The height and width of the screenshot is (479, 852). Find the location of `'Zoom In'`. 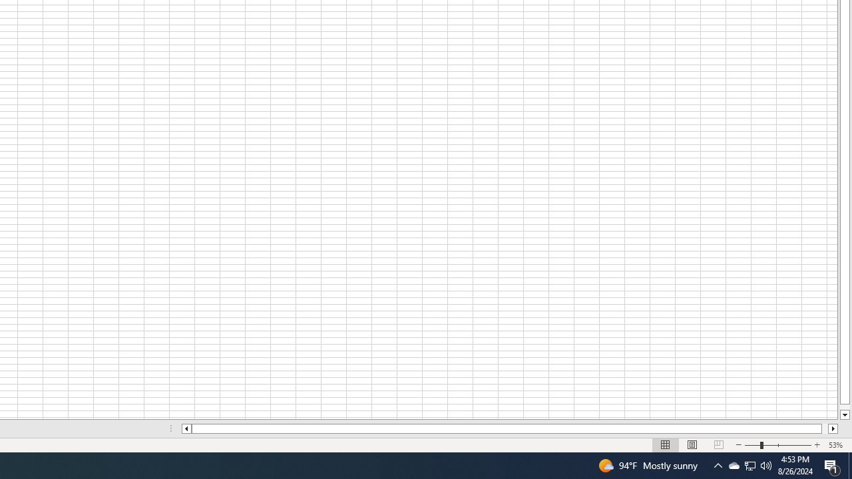

'Zoom In' is located at coordinates (816, 445).